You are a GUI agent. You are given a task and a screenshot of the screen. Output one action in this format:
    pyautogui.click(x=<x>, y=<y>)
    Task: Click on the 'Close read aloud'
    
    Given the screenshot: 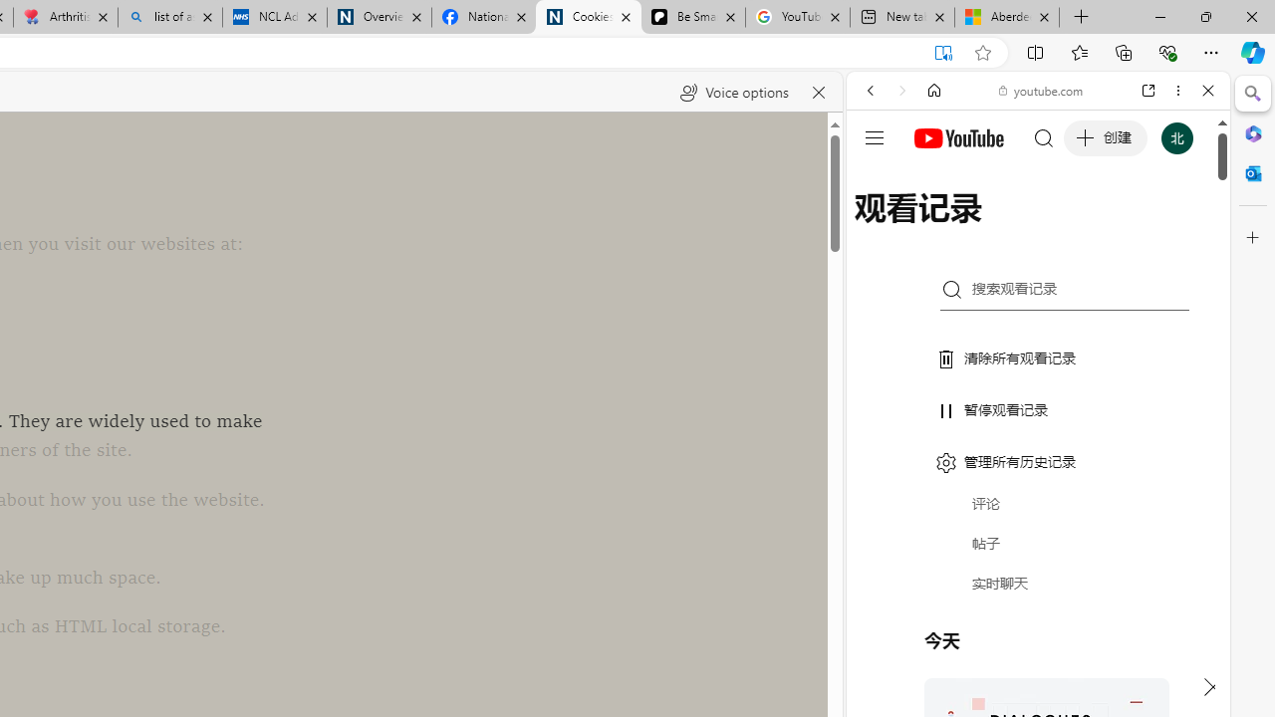 What is the action you would take?
    pyautogui.click(x=818, y=92)
    